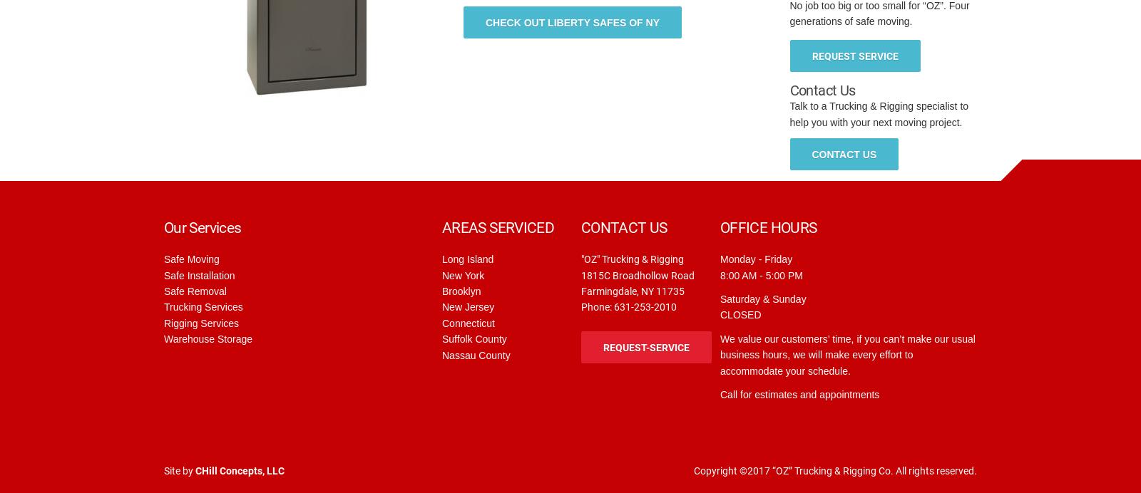  I want to click on 'Safe Moving', so click(191, 259).